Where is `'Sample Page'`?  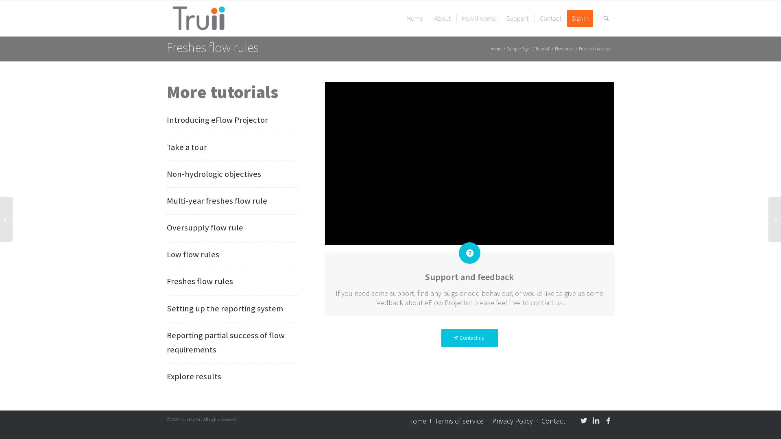 'Sample Page' is located at coordinates (517, 49).